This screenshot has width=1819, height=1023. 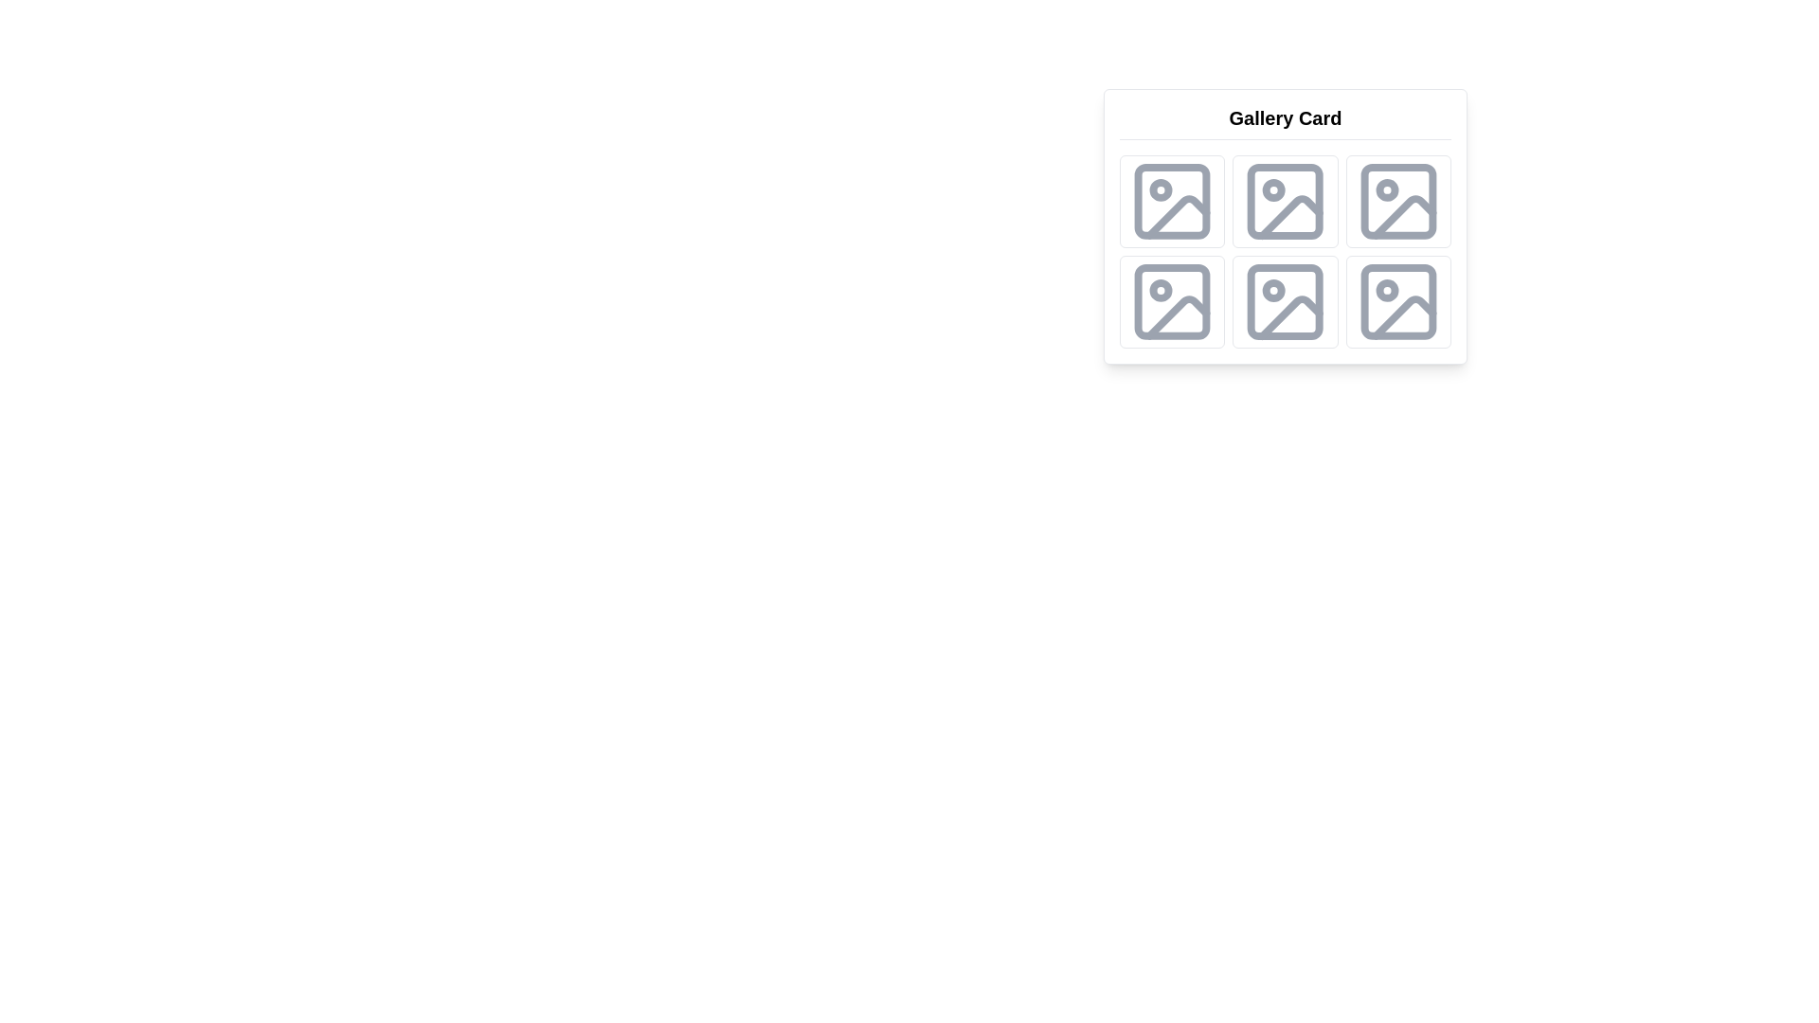 What do you see at coordinates (1171, 334) in the screenshot?
I see `the static text element labeled 'Caption 4' at the bottom of the last gallery card in the second row to make it more visible` at bounding box center [1171, 334].